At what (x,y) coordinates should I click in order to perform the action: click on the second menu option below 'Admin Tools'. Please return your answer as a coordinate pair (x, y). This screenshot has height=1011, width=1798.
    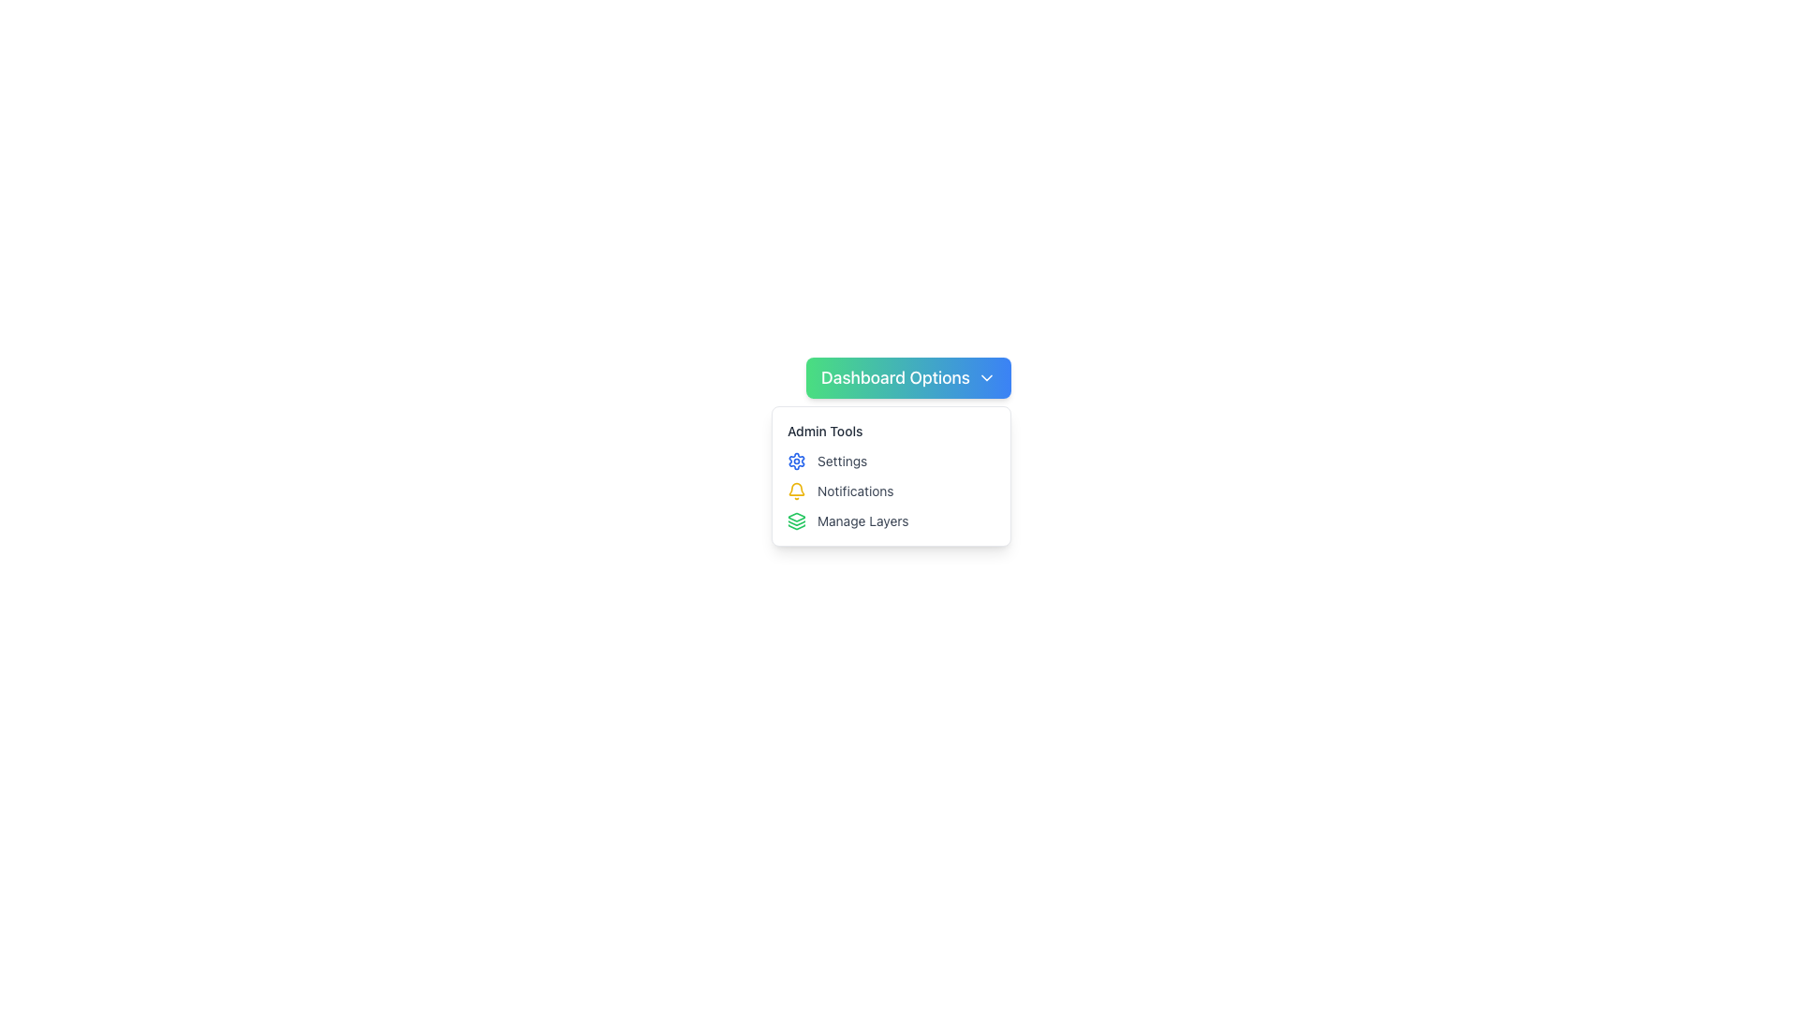
    Looking at the image, I should click on (890, 462).